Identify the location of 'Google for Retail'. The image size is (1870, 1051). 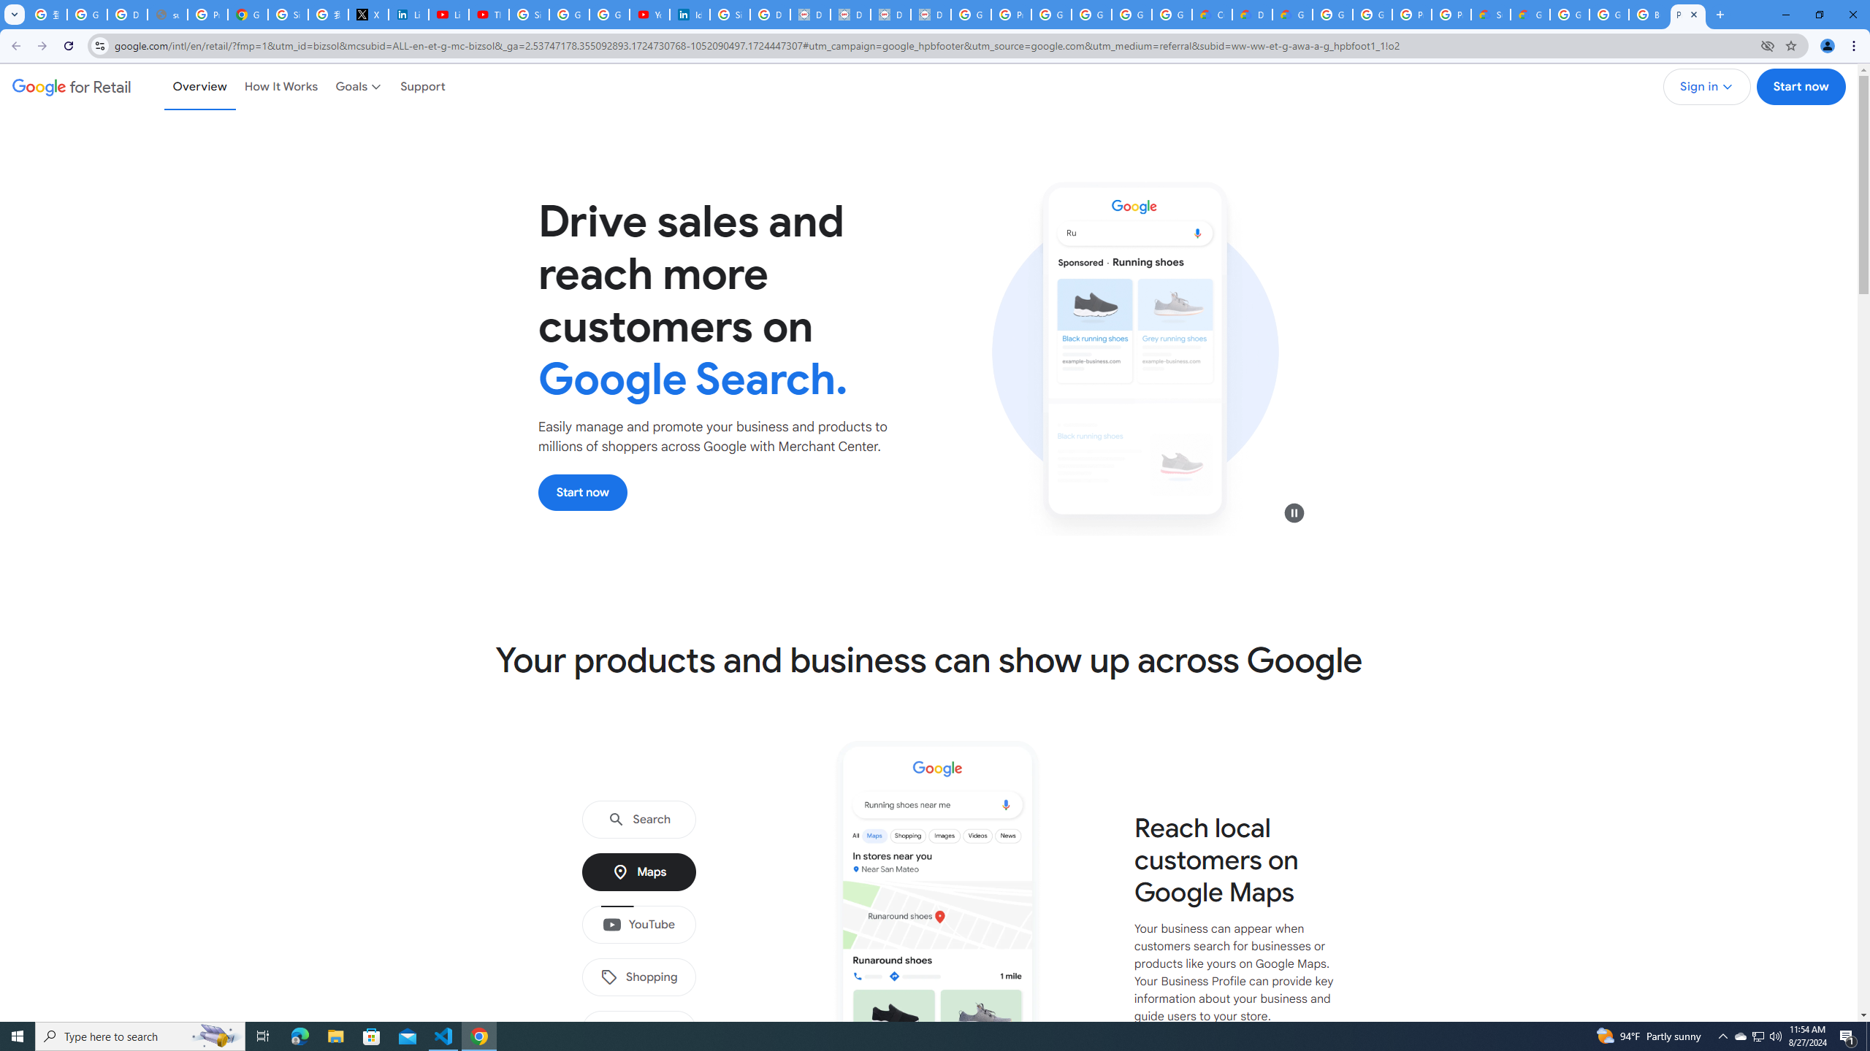
(71, 86).